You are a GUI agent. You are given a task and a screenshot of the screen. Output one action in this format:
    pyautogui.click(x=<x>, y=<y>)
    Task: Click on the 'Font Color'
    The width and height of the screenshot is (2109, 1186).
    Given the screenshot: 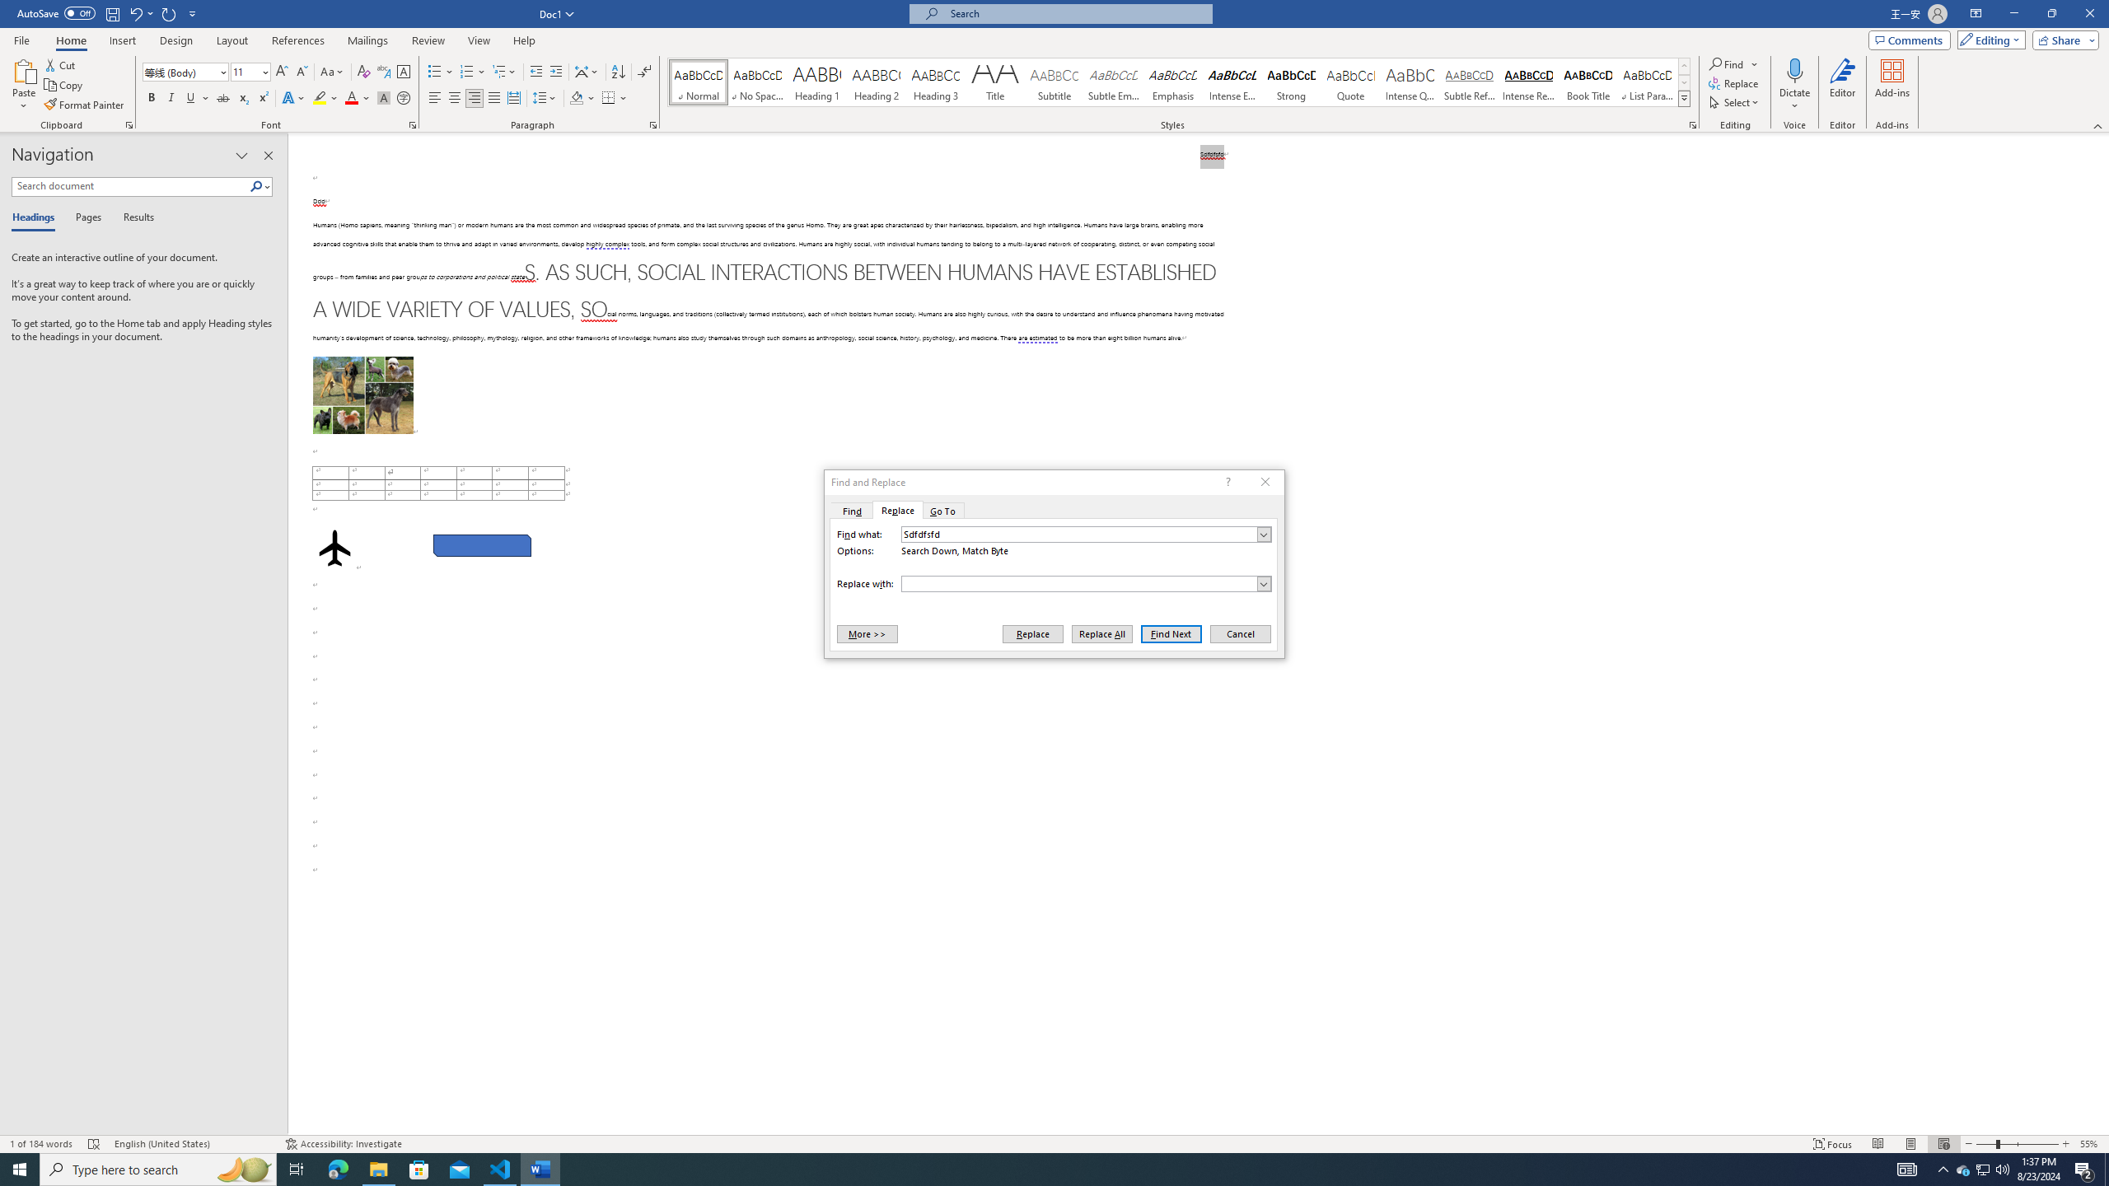 What is the action you would take?
    pyautogui.click(x=356, y=97)
    